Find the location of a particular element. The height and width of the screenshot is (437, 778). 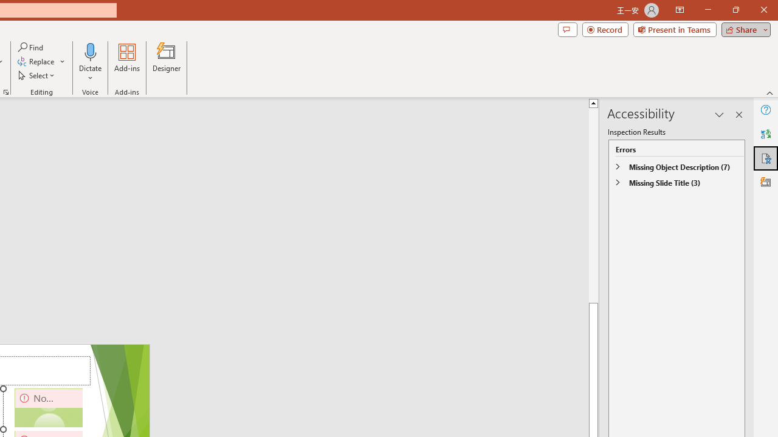

'Camera 5, No camera detected.' is located at coordinates (49, 408).